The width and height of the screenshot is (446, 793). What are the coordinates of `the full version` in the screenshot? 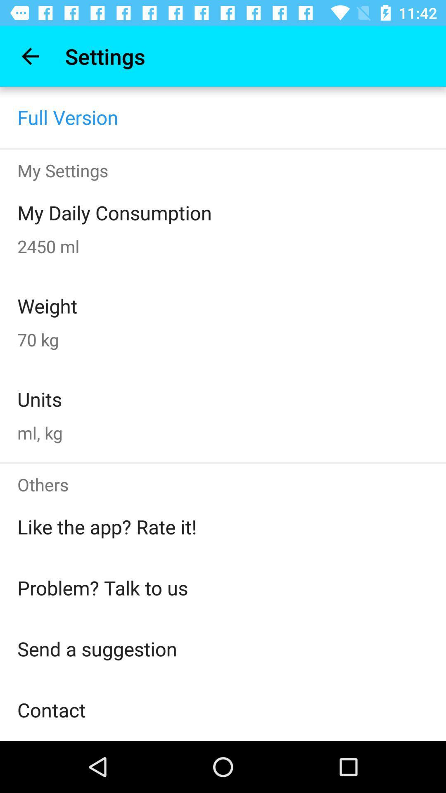 It's located at (67, 116).